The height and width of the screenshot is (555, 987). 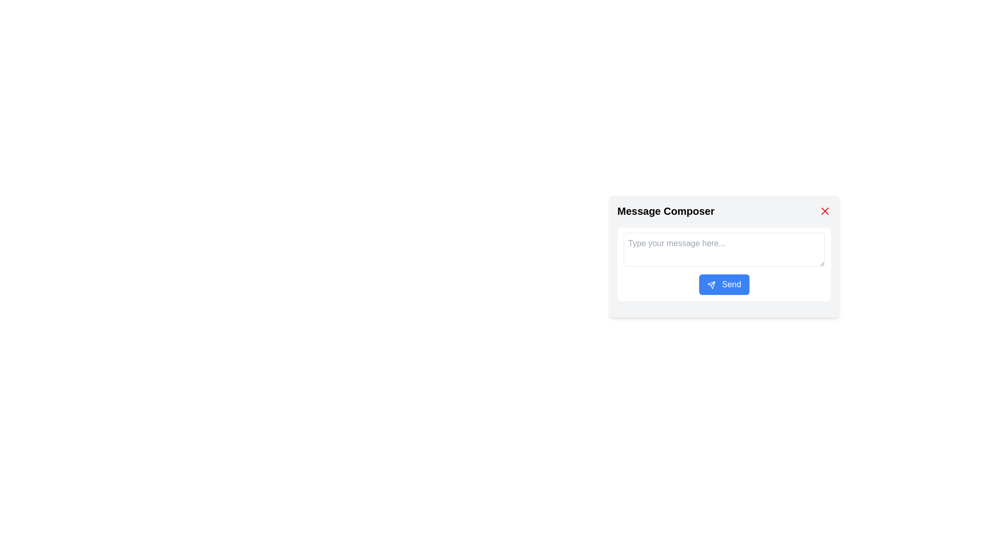 I want to click on the static text header with an interactive toggle button represented by the red 'X' icon, so click(x=724, y=211).